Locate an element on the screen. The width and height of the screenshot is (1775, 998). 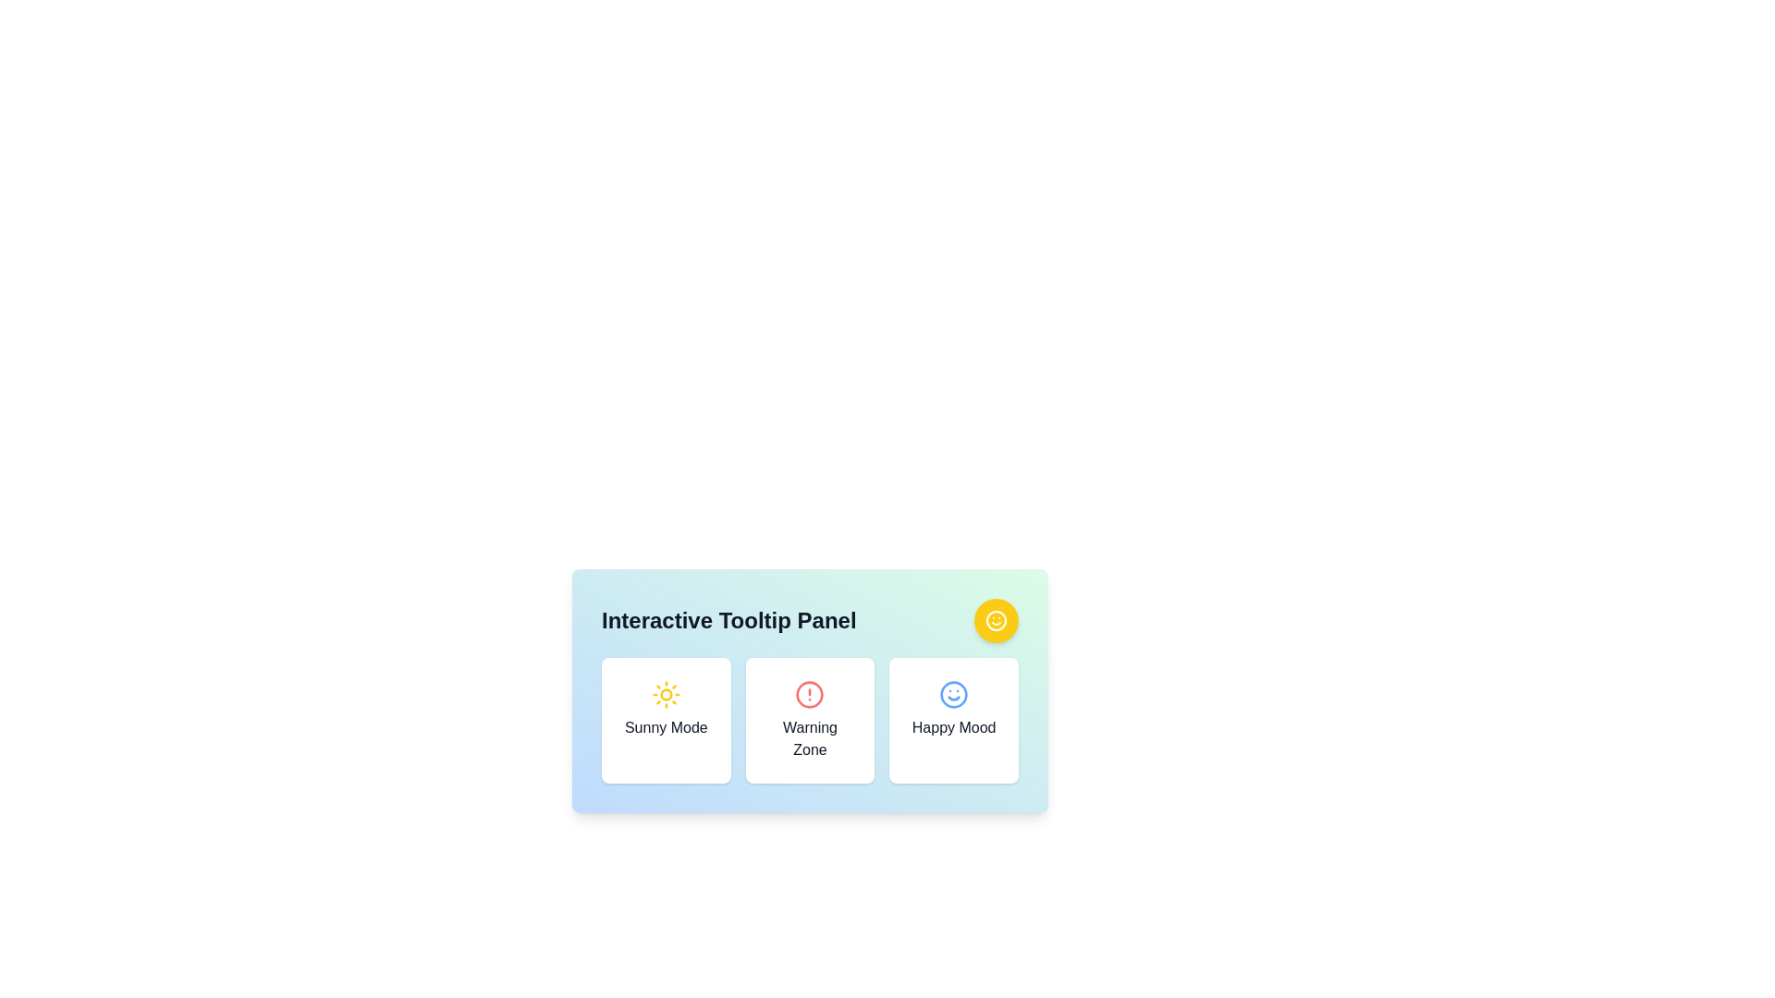
the 'Happy Mood' card, which is a rectangular card with a white background and a blue smiley face icon at the top, located to the right of the 'Warning Zone' card is located at coordinates (954, 719).